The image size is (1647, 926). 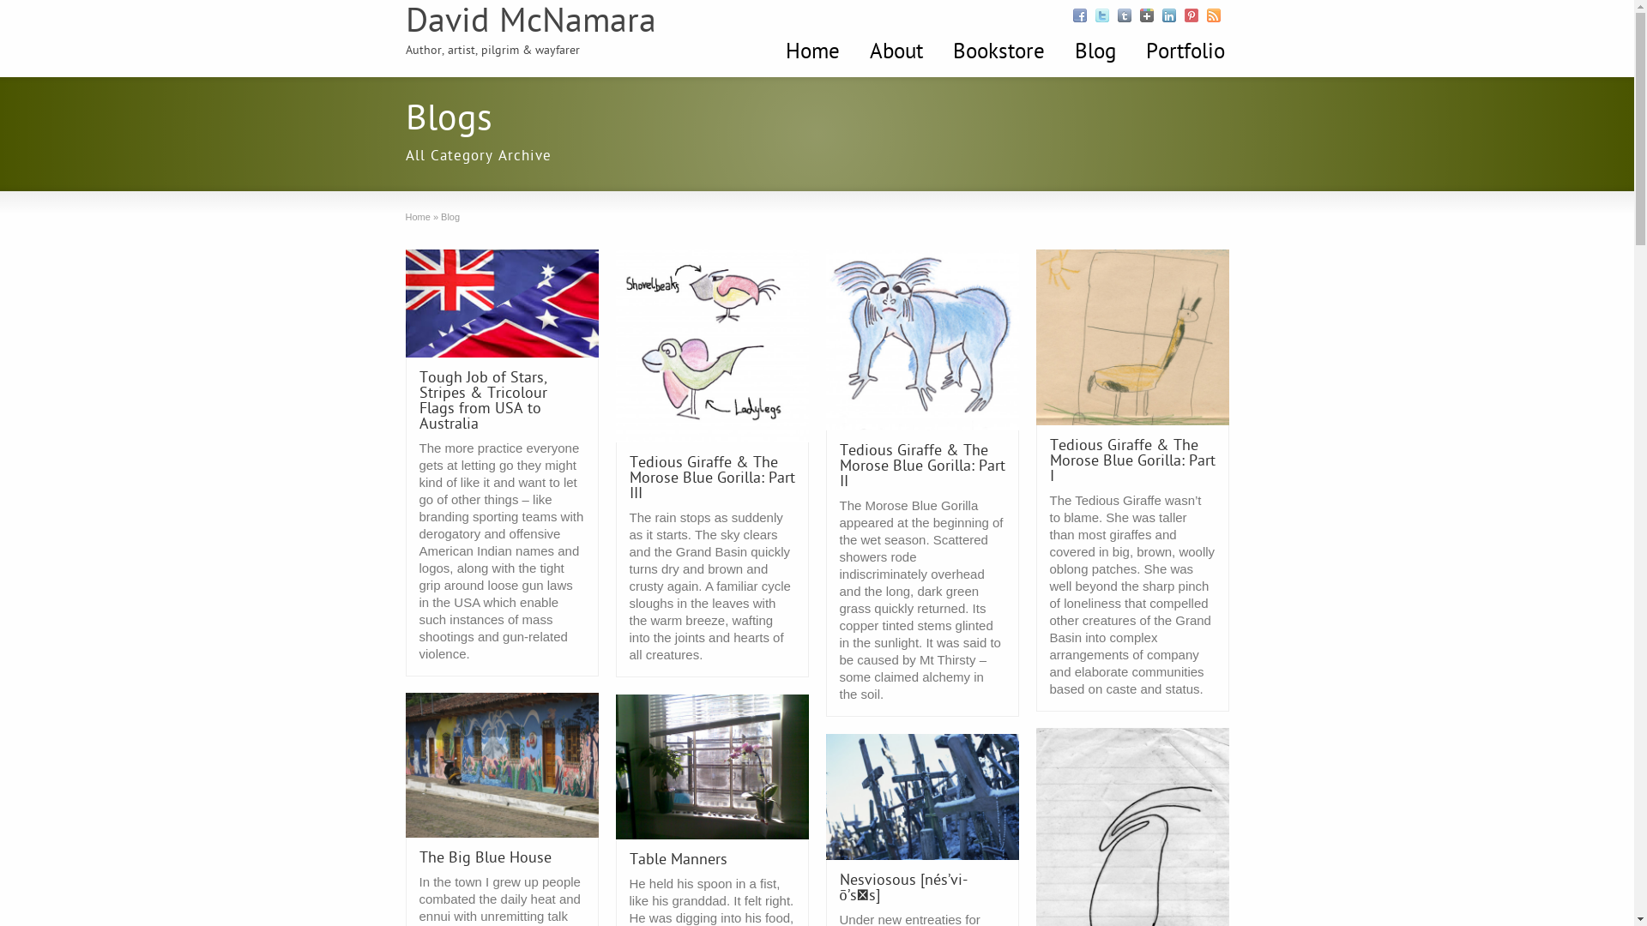 What do you see at coordinates (1212, 15) in the screenshot?
I see `'Follow Me RSS'` at bounding box center [1212, 15].